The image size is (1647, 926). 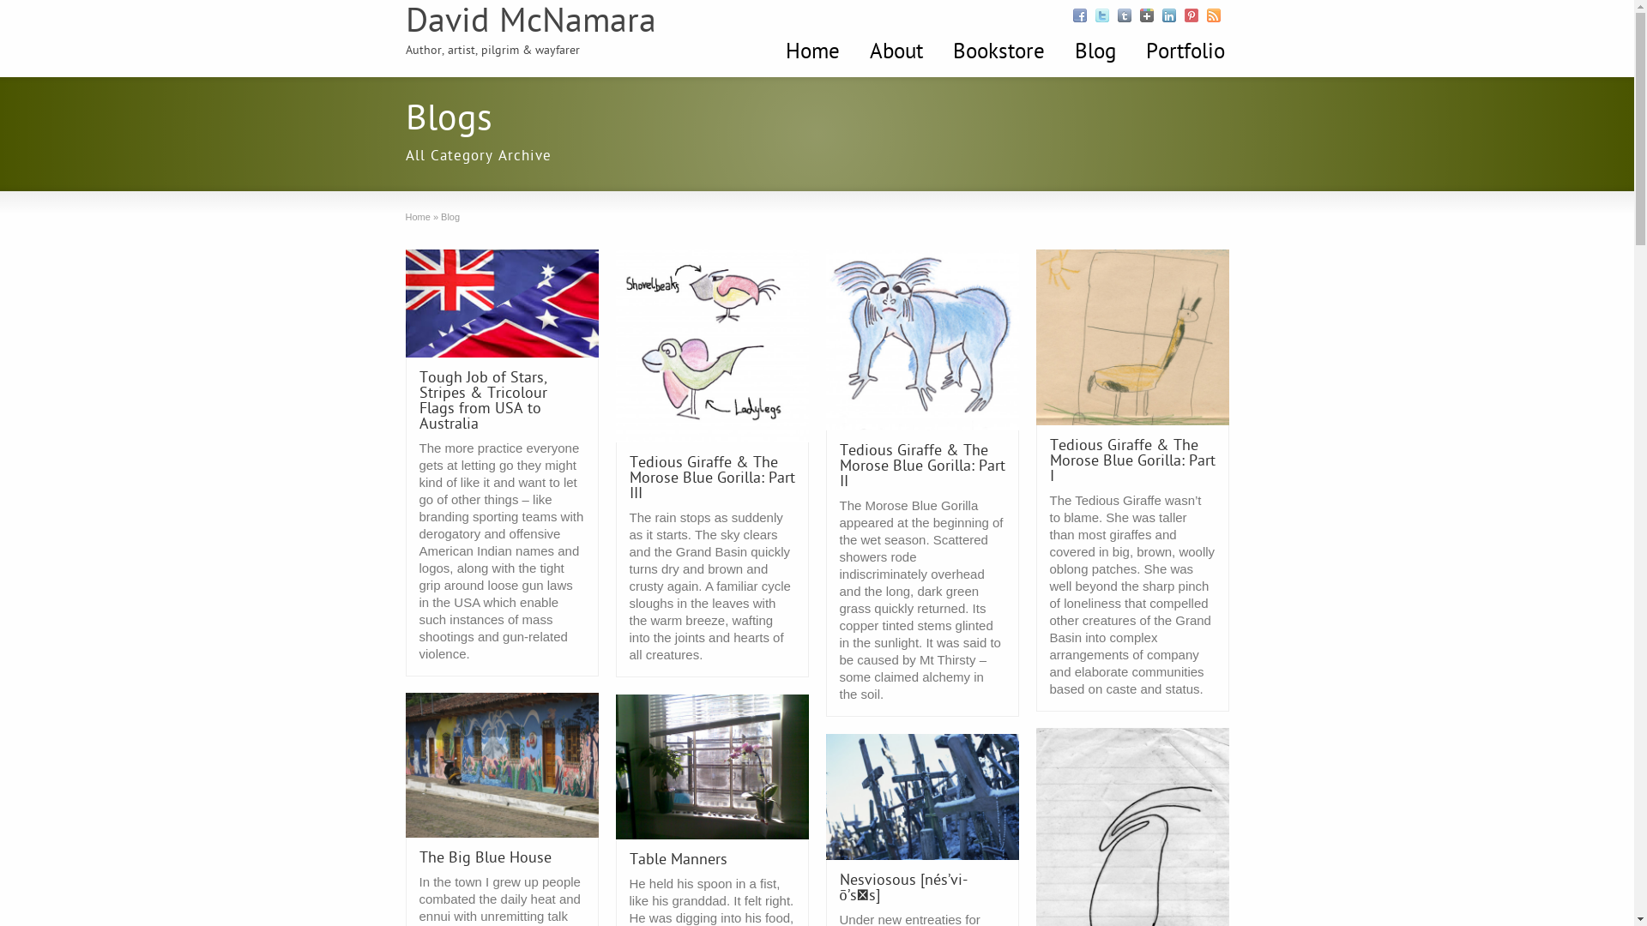 What do you see at coordinates (1212, 15) in the screenshot?
I see `'Follow Me RSS'` at bounding box center [1212, 15].